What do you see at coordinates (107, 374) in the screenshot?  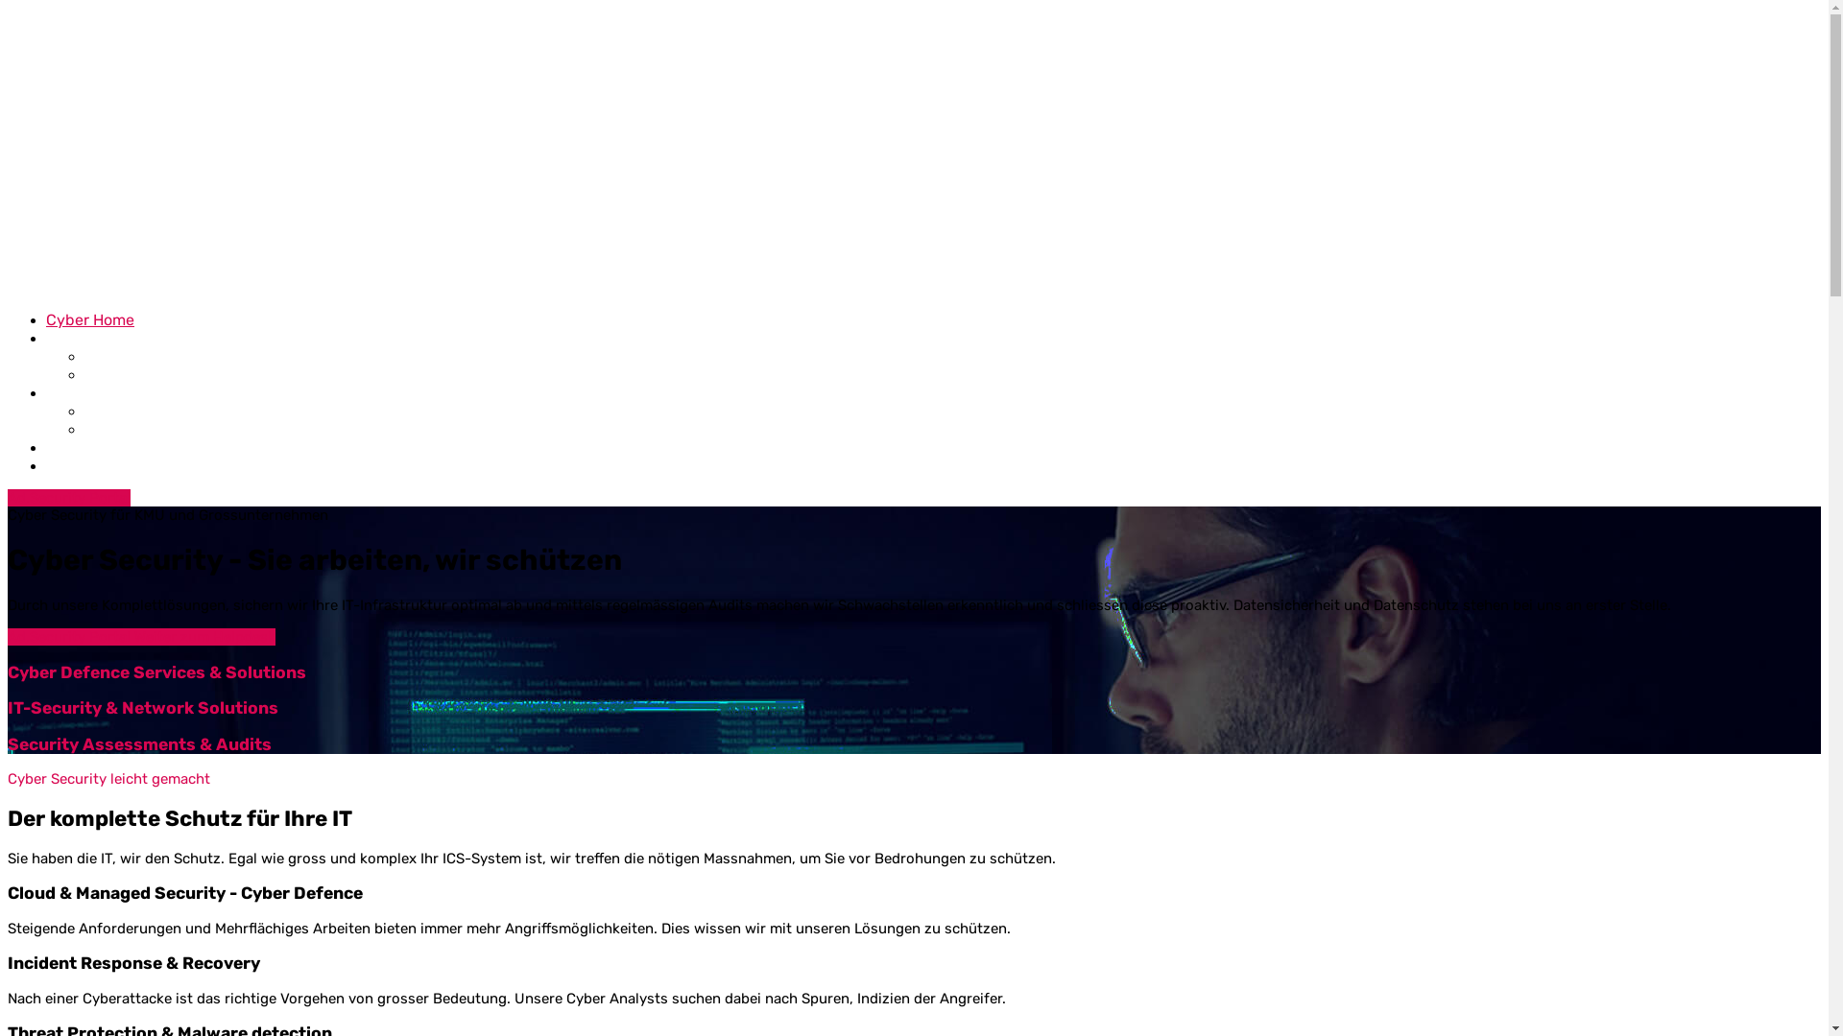 I see `'Audits'` at bounding box center [107, 374].